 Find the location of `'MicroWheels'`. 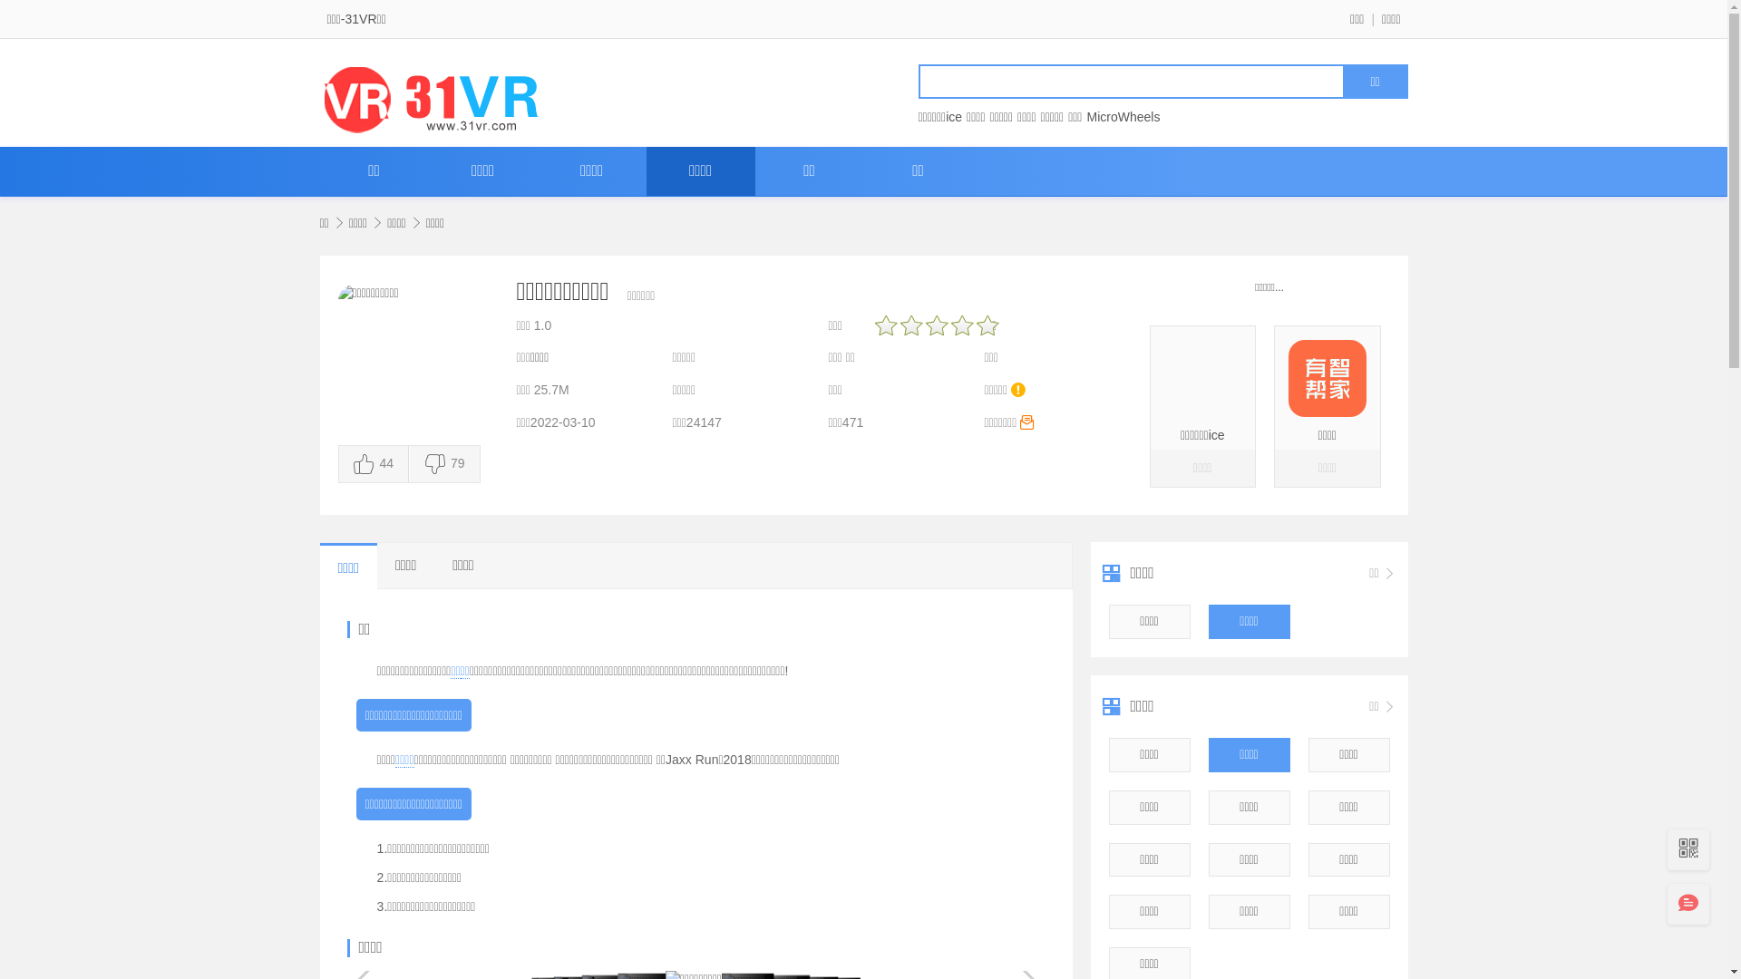

'MicroWheels' is located at coordinates (1122, 116).